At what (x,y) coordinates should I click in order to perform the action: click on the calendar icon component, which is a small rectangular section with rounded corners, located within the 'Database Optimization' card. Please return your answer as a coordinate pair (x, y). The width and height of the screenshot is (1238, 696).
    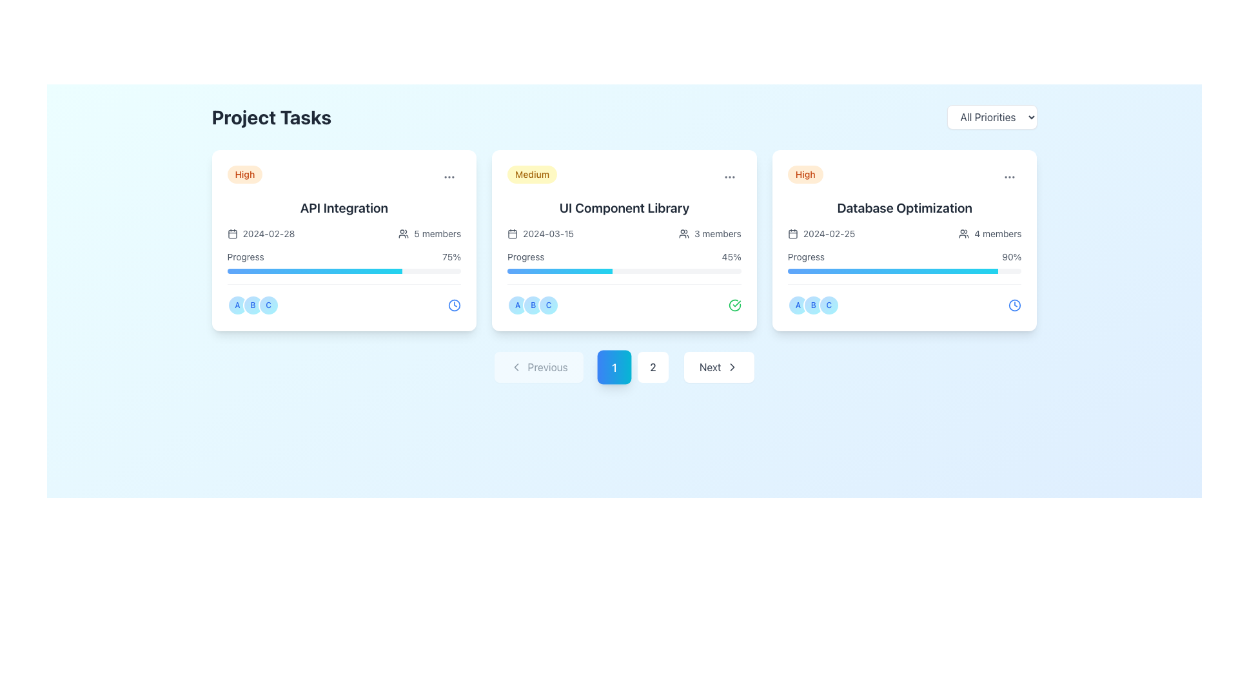
    Looking at the image, I should click on (792, 234).